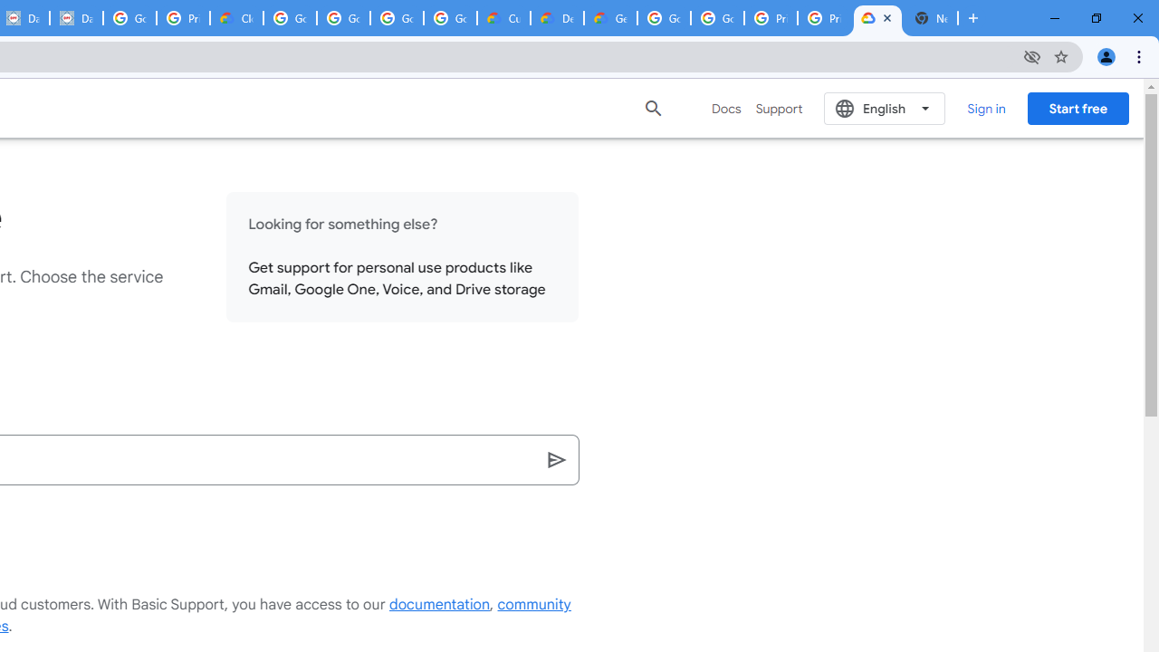  Describe the element at coordinates (877, 18) in the screenshot. I see `'Support Hub | Google Cloud'` at that location.